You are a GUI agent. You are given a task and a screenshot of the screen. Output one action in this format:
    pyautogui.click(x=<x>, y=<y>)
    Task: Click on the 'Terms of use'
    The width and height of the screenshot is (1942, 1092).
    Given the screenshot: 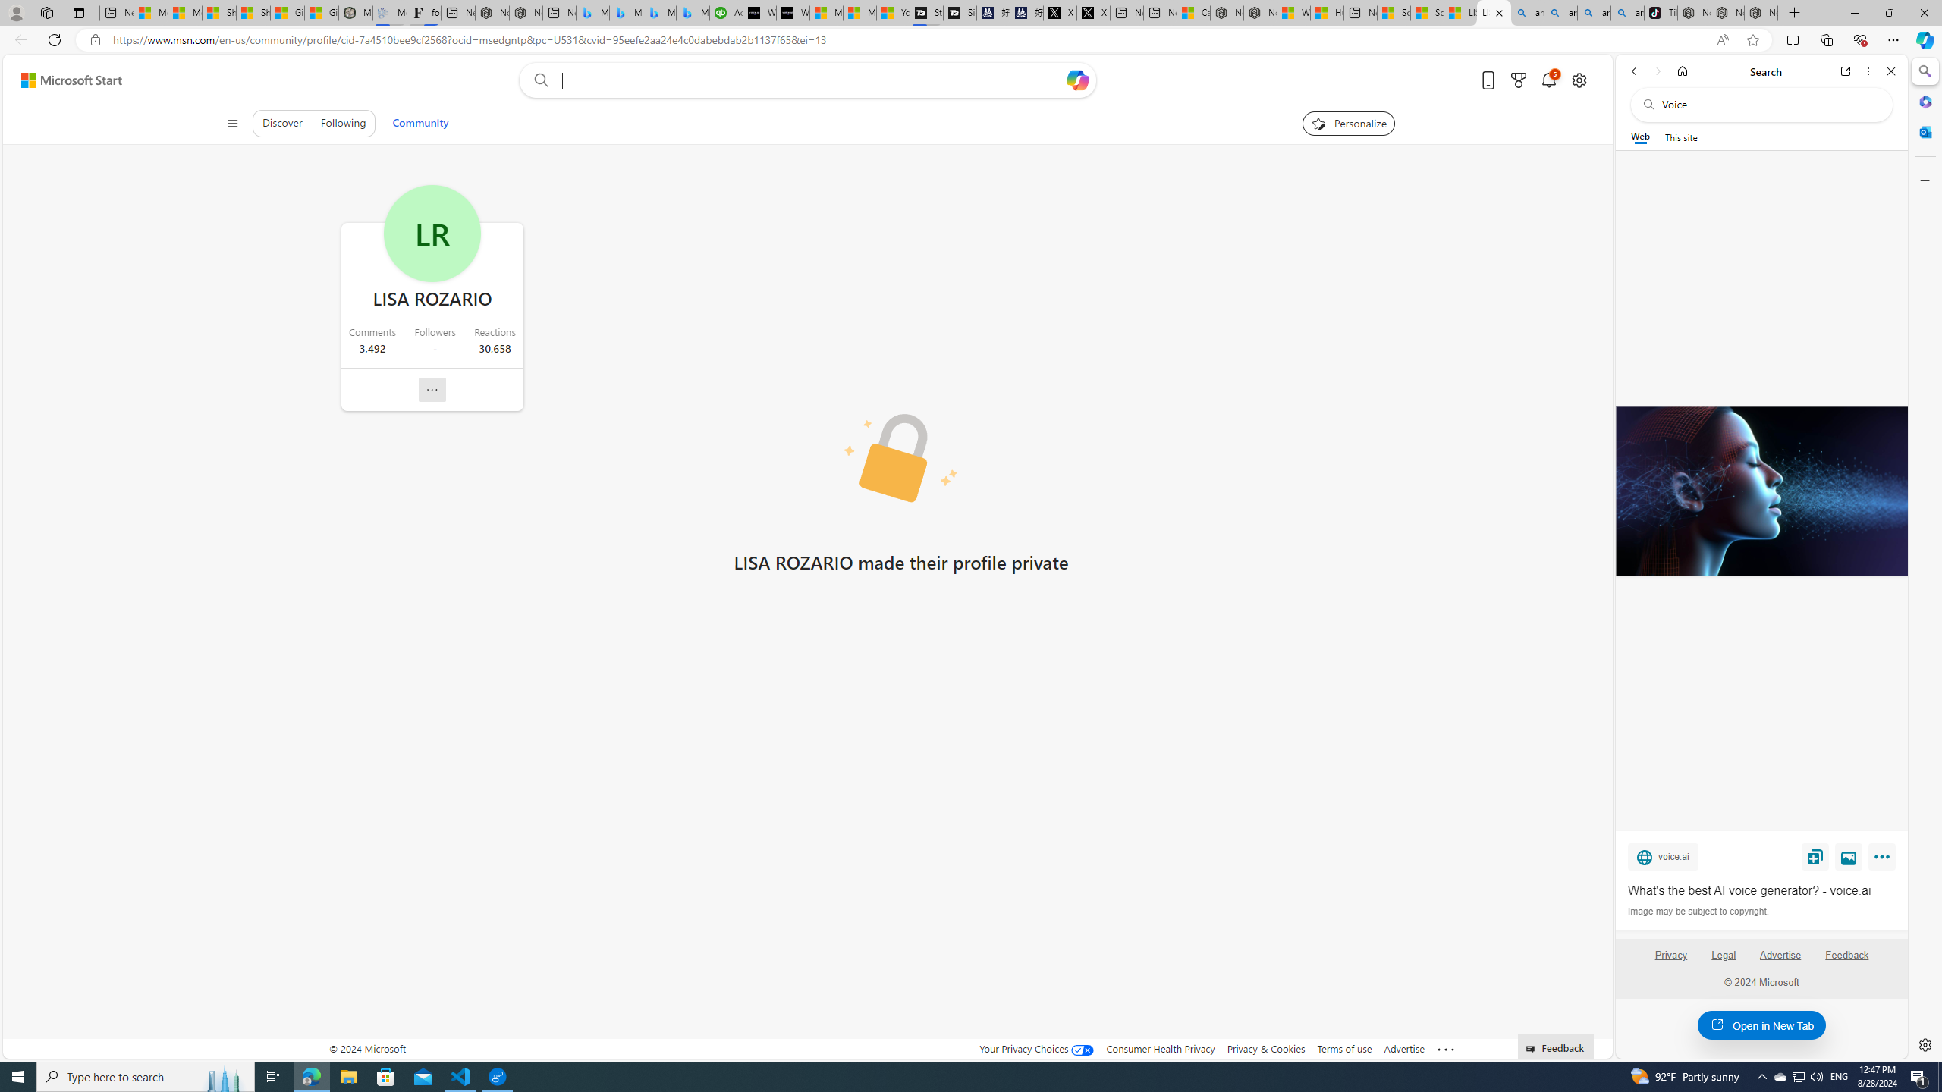 What is the action you would take?
    pyautogui.click(x=1344, y=1048)
    